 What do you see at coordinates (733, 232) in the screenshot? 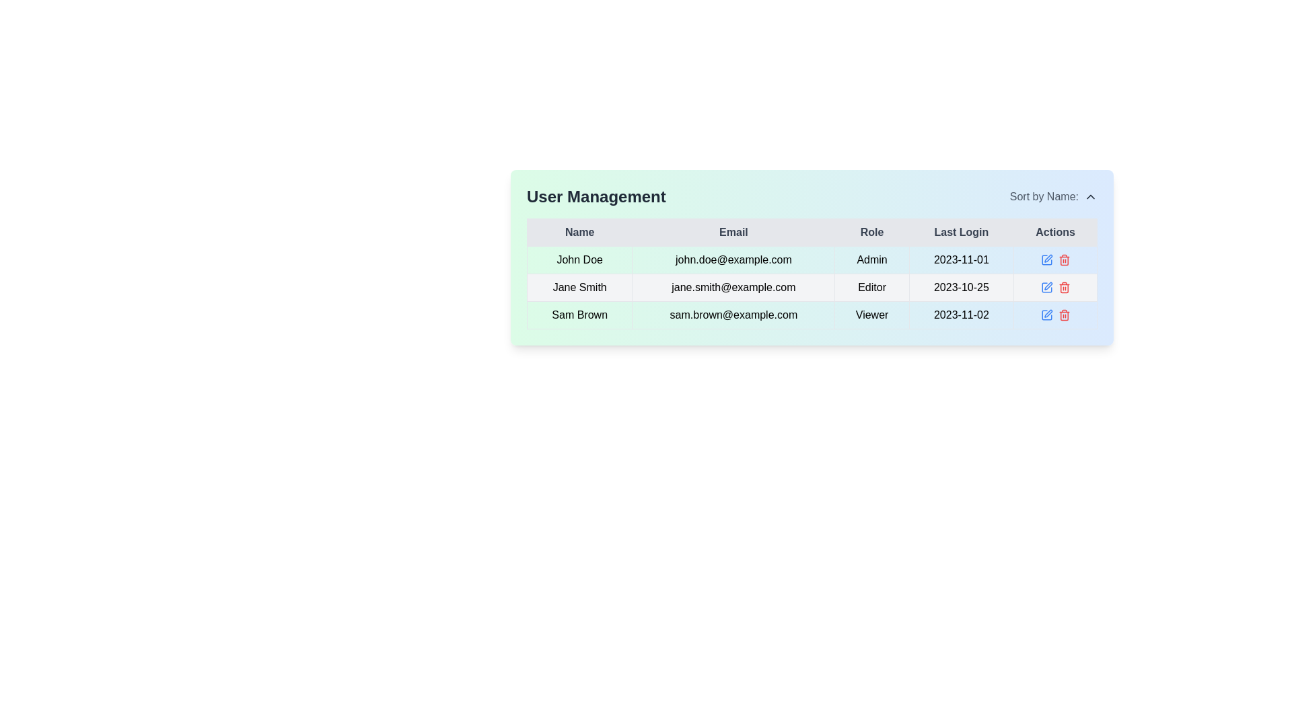
I see `the static text label 'Email' in the second header cell of the table, which is positioned between the 'Name' and 'Role' columns` at bounding box center [733, 232].